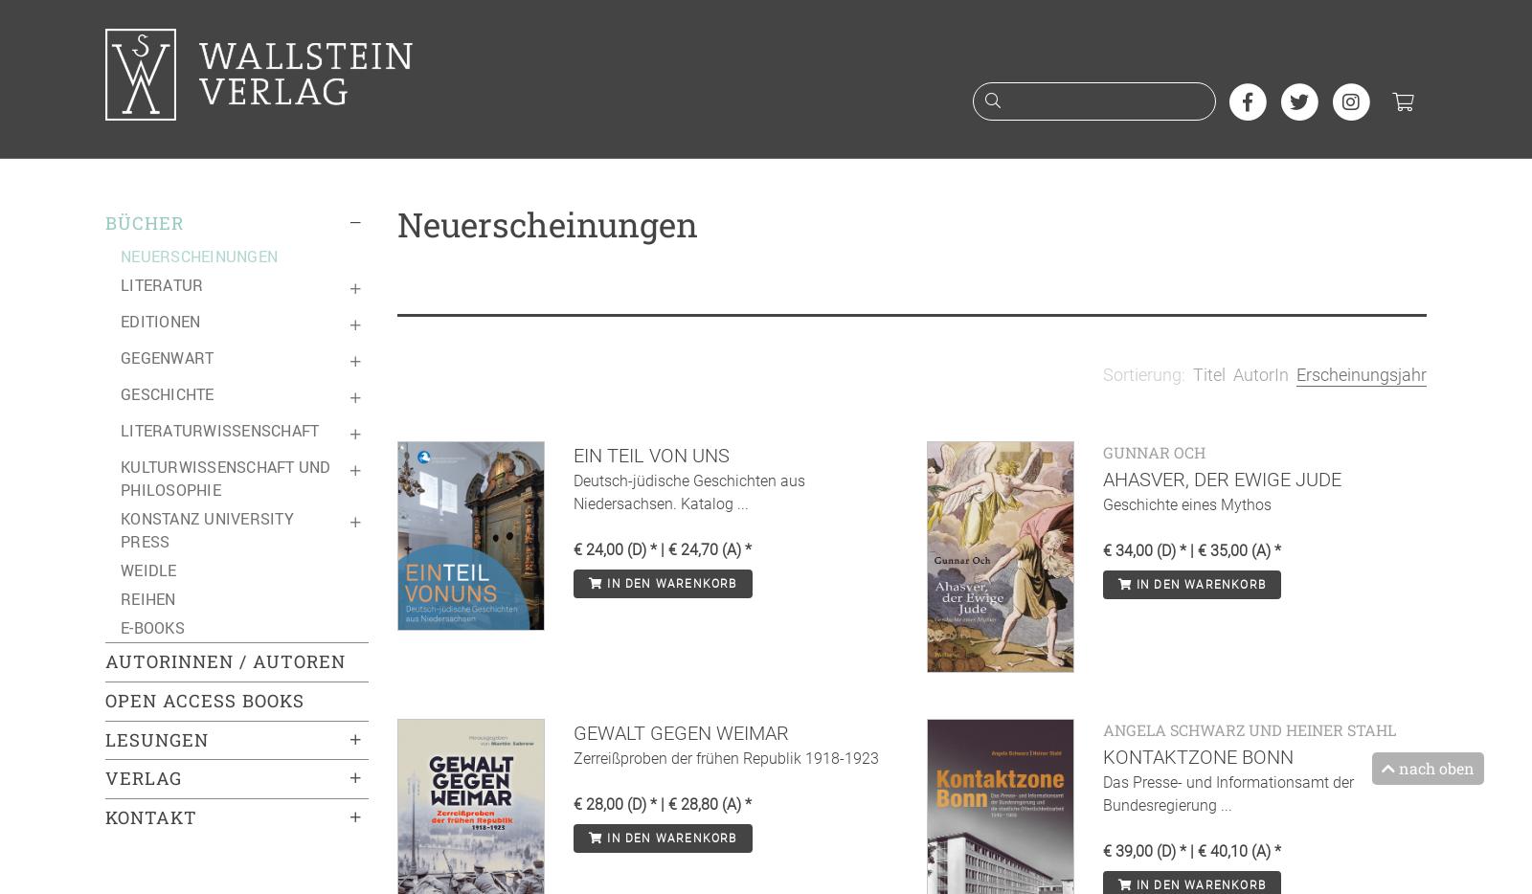  Describe the element at coordinates (1152, 451) in the screenshot. I see `'Gunnar Och'` at that location.